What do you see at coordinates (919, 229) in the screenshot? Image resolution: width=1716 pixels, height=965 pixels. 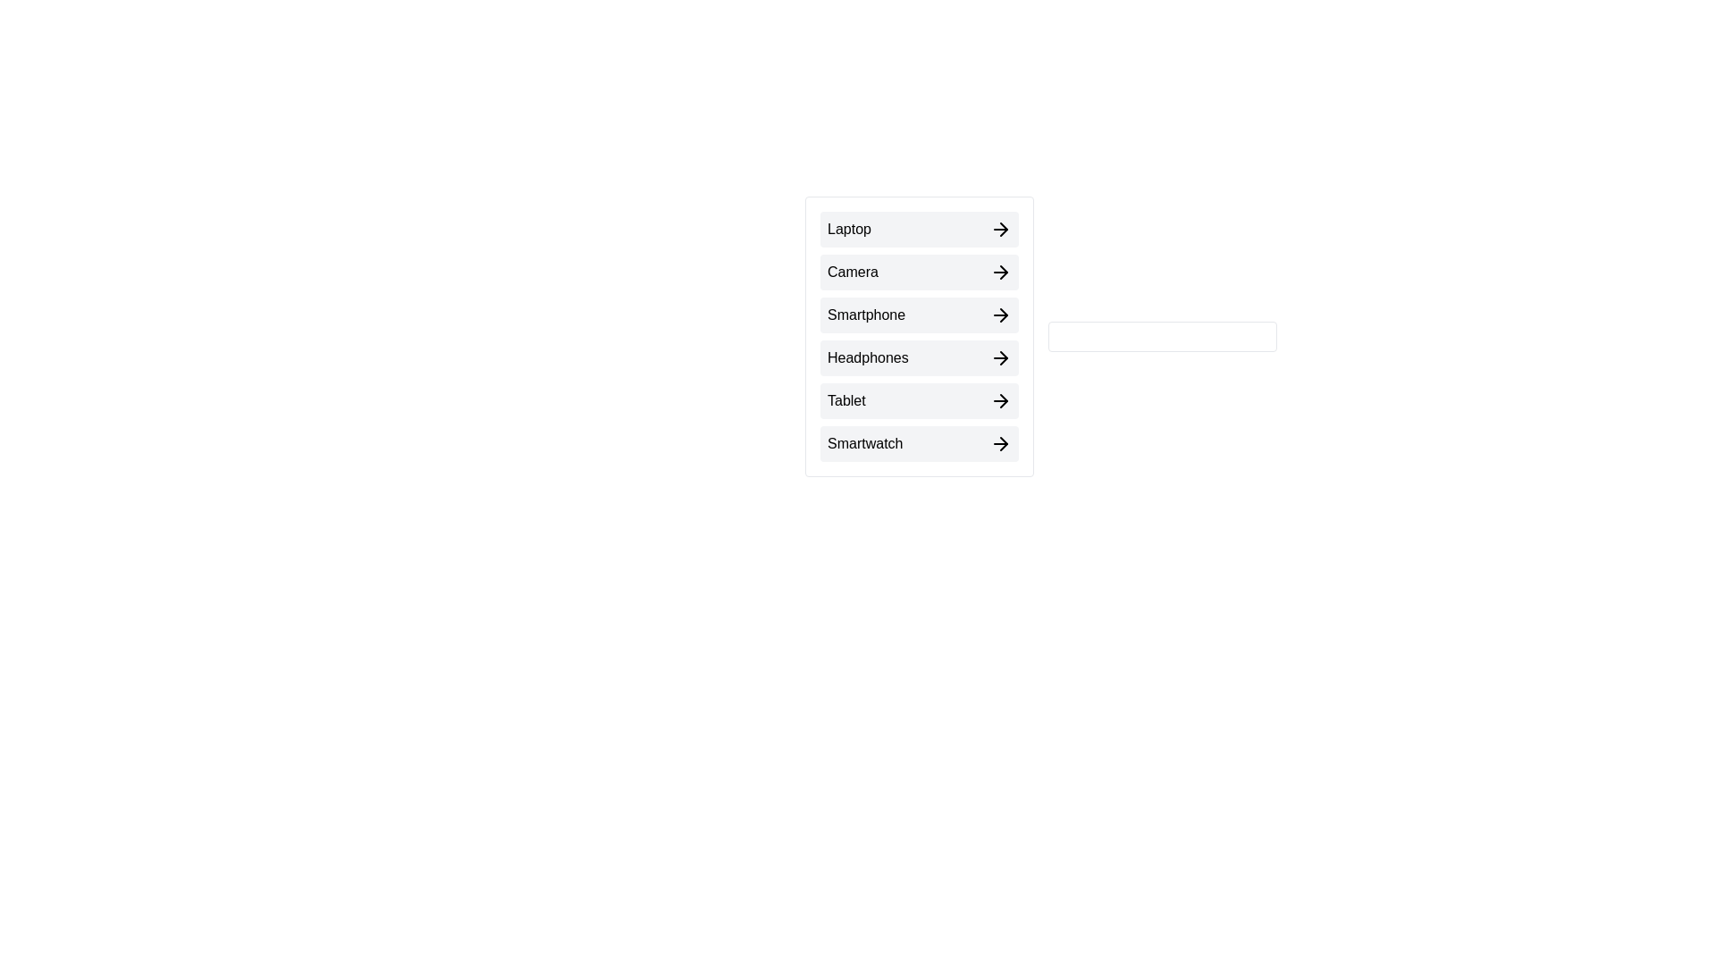 I see `the item Laptop to highlight it` at bounding box center [919, 229].